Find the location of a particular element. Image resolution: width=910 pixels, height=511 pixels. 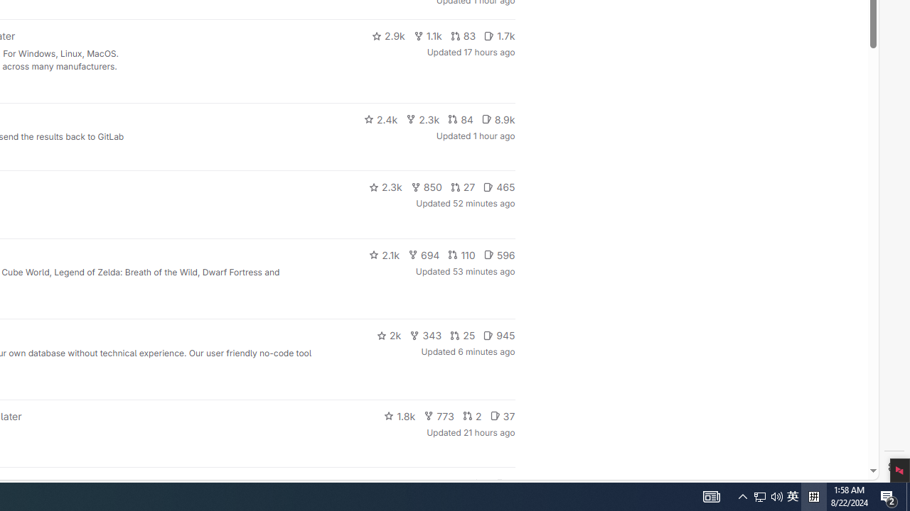

'694' is located at coordinates (423, 253).